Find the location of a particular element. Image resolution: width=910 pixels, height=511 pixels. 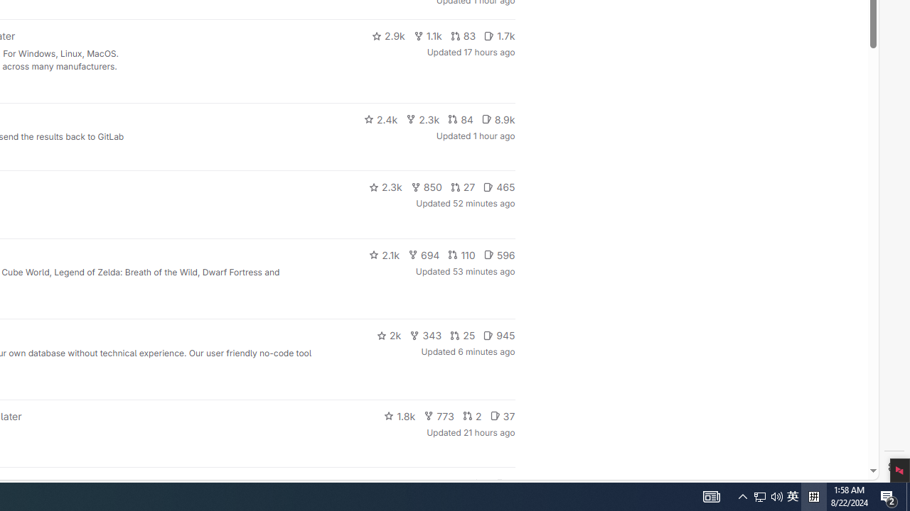

'694' is located at coordinates (423, 253).